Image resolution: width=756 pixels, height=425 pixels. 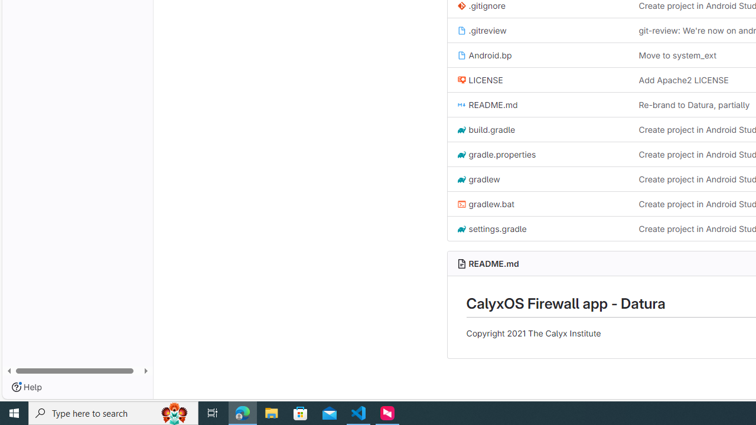 What do you see at coordinates (480, 80) in the screenshot?
I see `'LICENSE'` at bounding box center [480, 80].